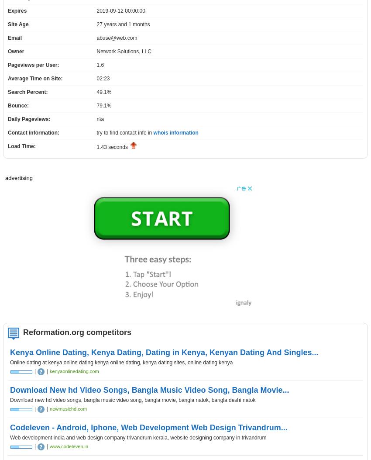 Image resolution: width=371 pixels, height=460 pixels. I want to click on 'advertising', so click(4, 178).